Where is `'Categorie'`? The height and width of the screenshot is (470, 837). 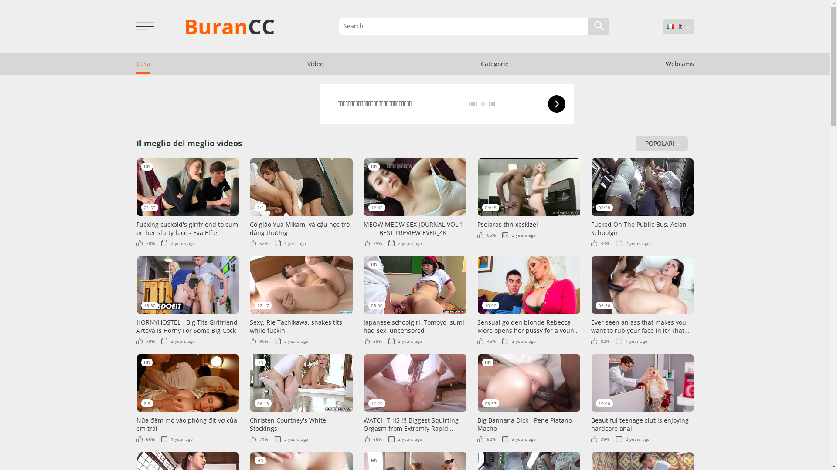 'Categorie' is located at coordinates (494, 63).